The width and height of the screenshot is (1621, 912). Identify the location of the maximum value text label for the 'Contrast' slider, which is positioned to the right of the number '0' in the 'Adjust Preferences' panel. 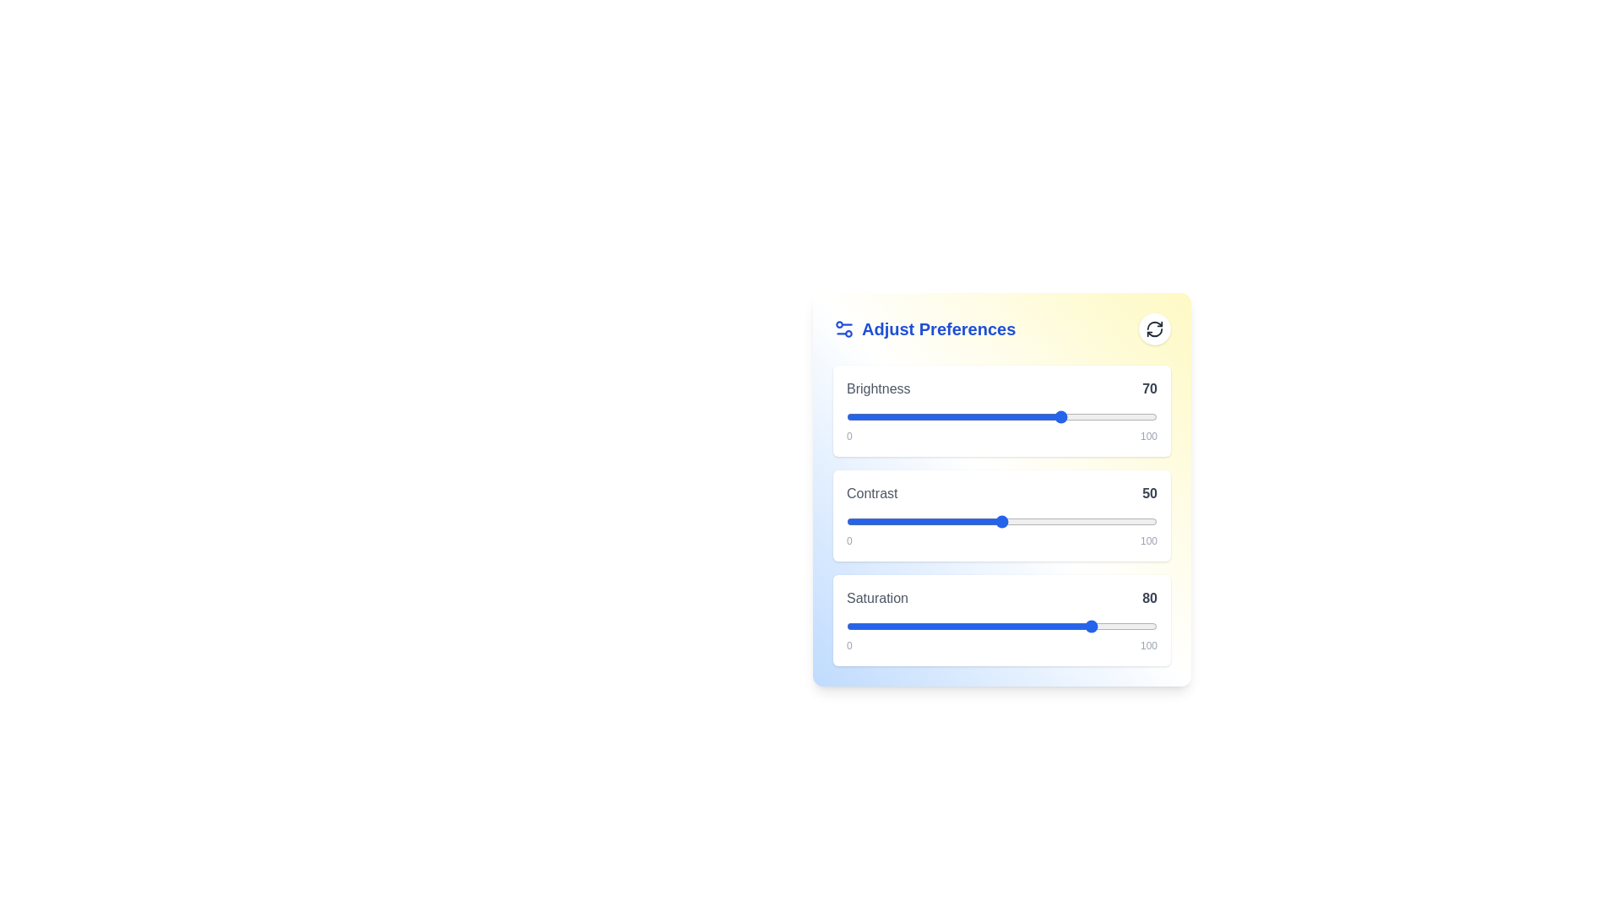
(1148, 540).